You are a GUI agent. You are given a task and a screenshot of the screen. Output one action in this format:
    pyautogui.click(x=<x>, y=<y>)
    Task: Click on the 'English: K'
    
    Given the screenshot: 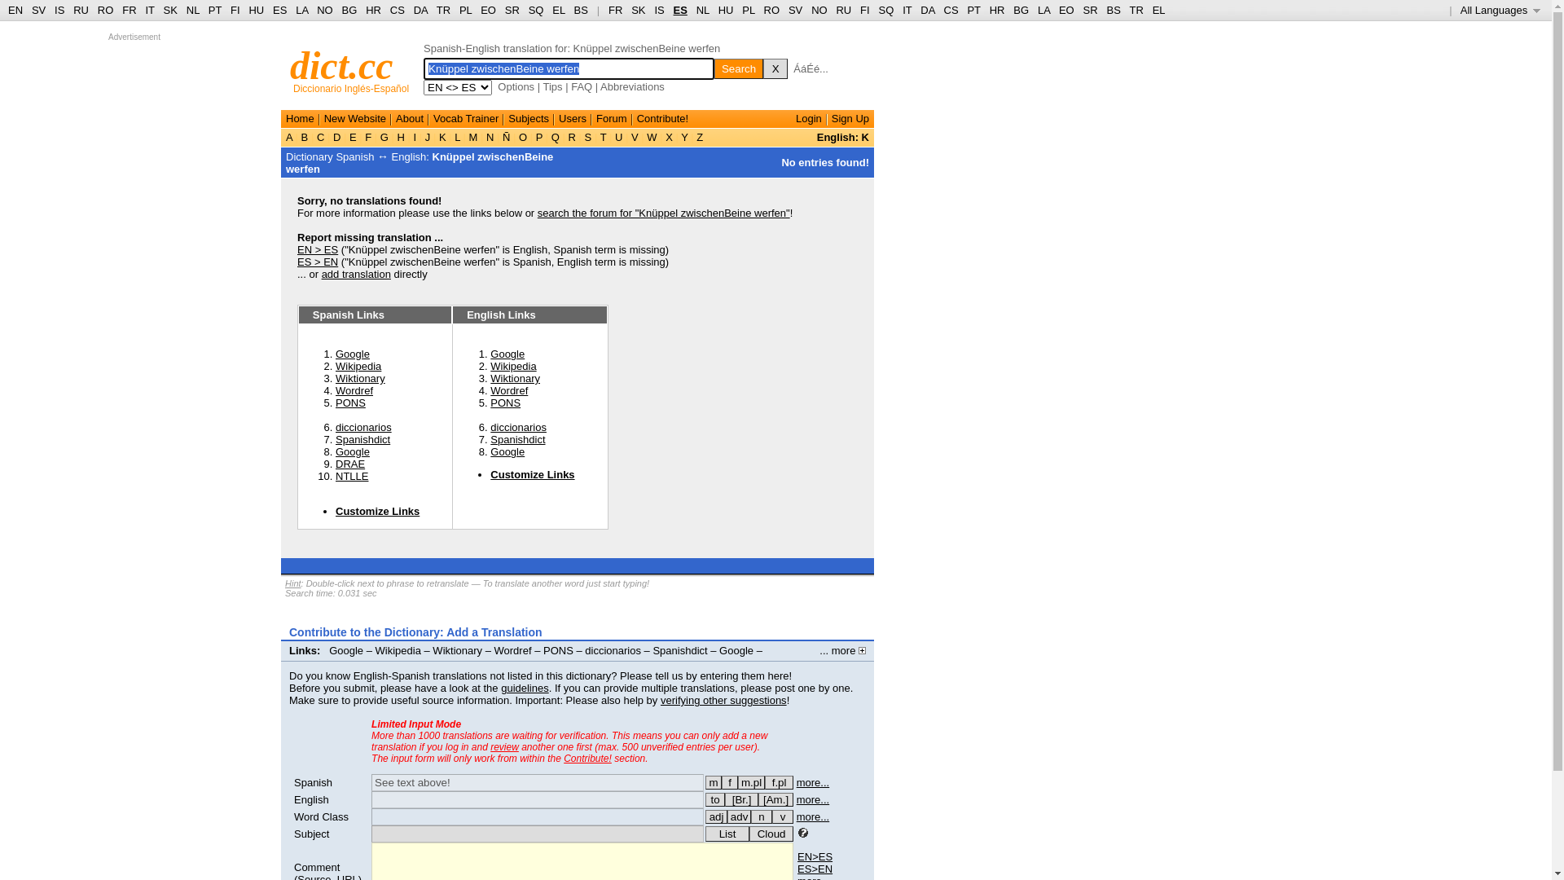 What is the action you would take?
    pyautogui.click(x=843, y=136)
    